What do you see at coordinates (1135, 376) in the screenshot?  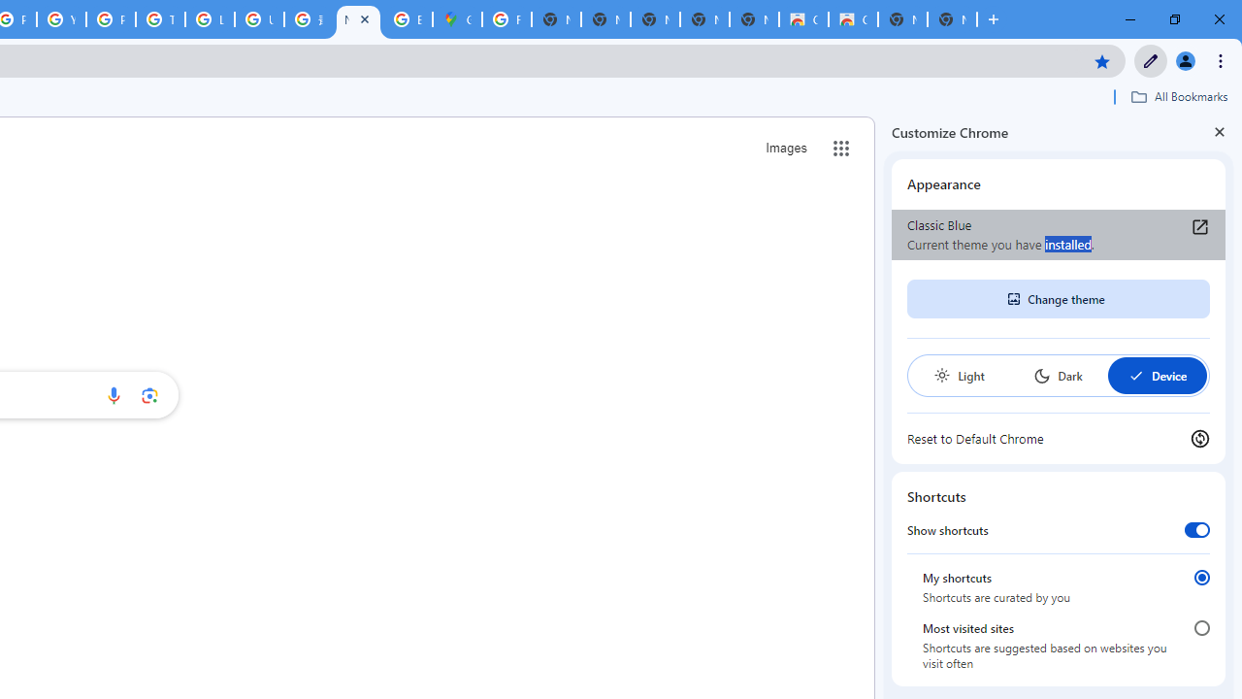 I see `'AutomationID: baseSvg'` at bounding box center [1135, 376].